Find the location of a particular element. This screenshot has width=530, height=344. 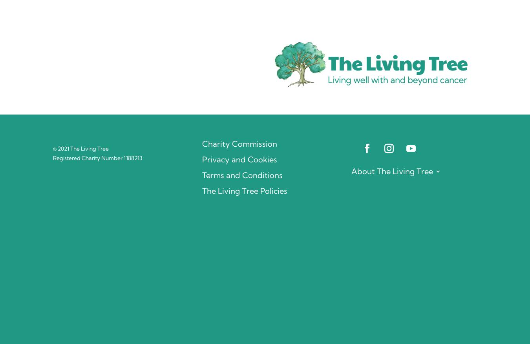

'About The Living Tree' is located at coordinates (391, 171).